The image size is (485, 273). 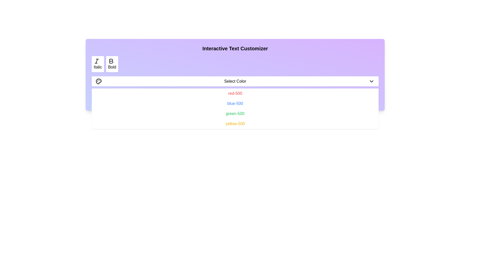 I want to click on the bold 'B' icon located in the upper section of the interface to apply bold formatting, so click(x=111, y=61).